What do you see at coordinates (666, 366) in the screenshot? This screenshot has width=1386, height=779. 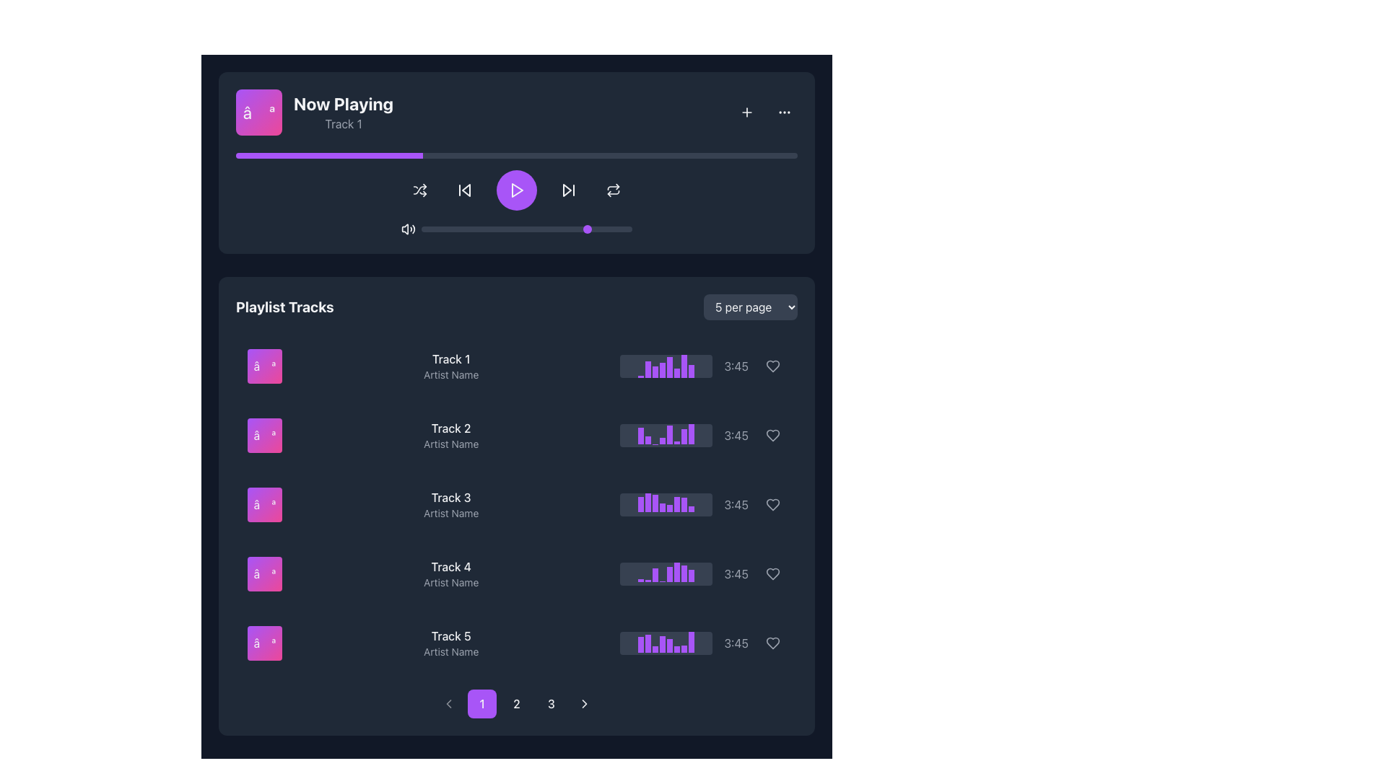 I see `the graphical representation of audio level bars in the playlist section, located between the track name and duration text ('3:45')` at bounding box center [666, 366].